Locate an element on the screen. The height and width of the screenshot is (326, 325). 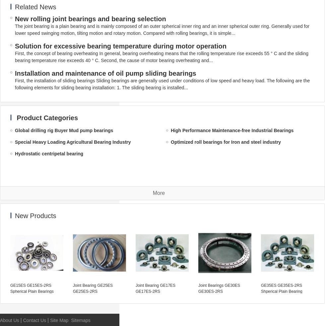
'Optimized roll bearings for Iron and steel industry' is located at coordinates (226, 142).